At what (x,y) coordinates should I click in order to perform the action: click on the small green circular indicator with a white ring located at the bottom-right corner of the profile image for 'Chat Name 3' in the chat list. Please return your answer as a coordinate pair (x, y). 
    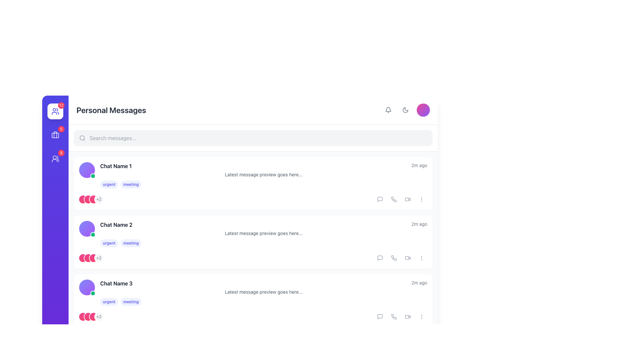
    Looking at the image, I should click on (93, 293).